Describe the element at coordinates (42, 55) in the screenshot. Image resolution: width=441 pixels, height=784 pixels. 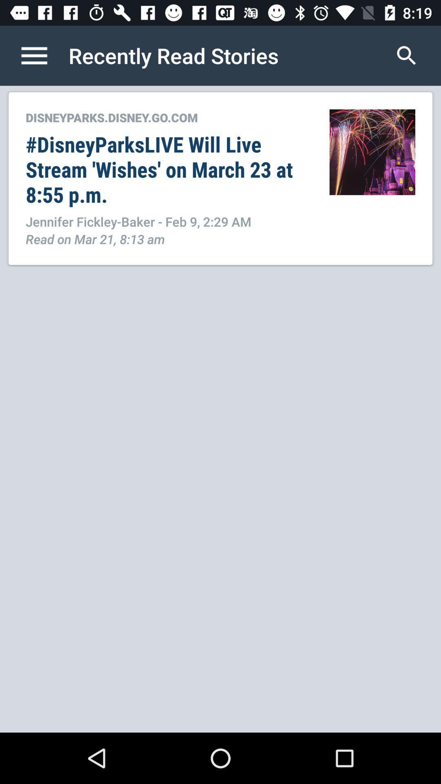
I see `the icon to the left of recently read stories item` at that location.